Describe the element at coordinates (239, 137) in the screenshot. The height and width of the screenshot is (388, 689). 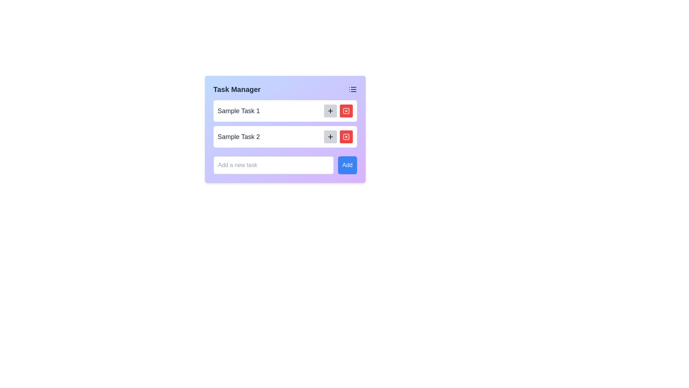
I see `the static text label representing 'Sample Task 2' in the task management interface` at that location.